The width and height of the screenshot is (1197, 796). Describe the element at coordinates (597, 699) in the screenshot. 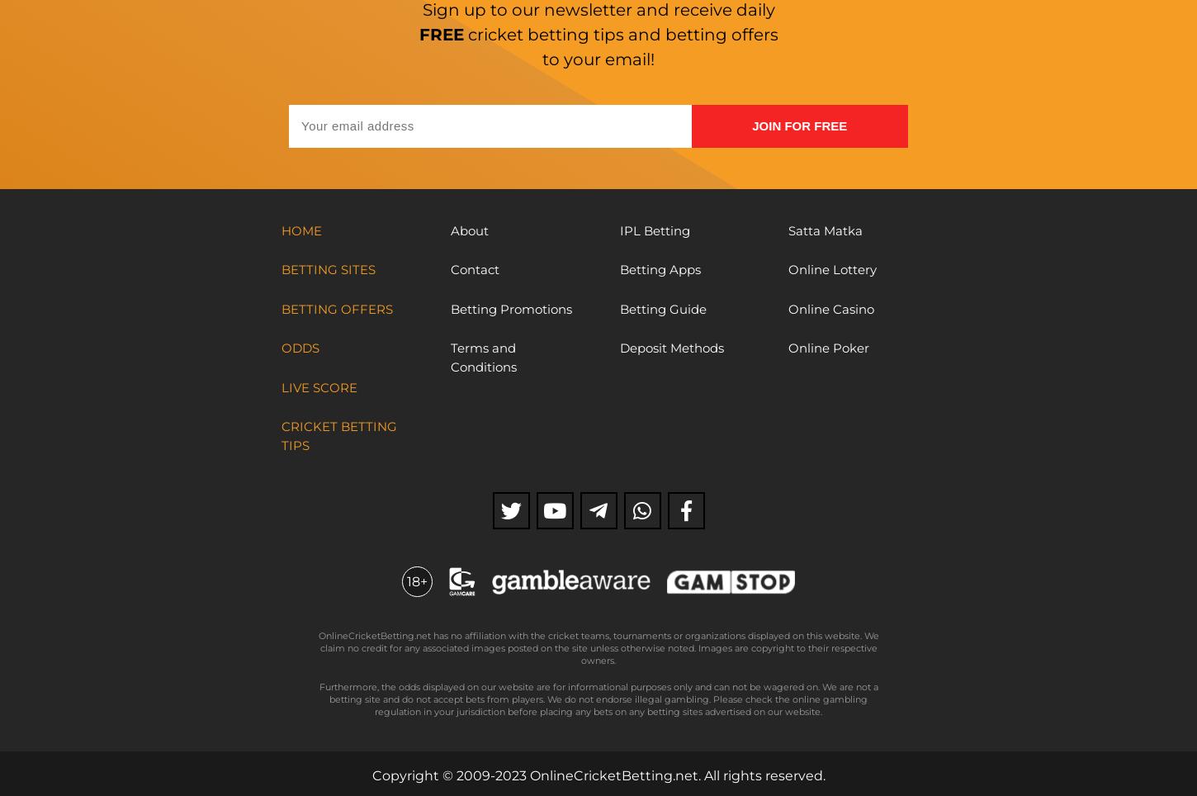

I see `'Furthermore, the odds displayed on our website are for informational purposes only and can not be wagered on. We are not a betting site and do not accept bets from players. We do not endorse illegal gambling. Please check the online gambling regulation in your jurisdiction before placing any bets on any betting sites advertised on our website.'` at that location.